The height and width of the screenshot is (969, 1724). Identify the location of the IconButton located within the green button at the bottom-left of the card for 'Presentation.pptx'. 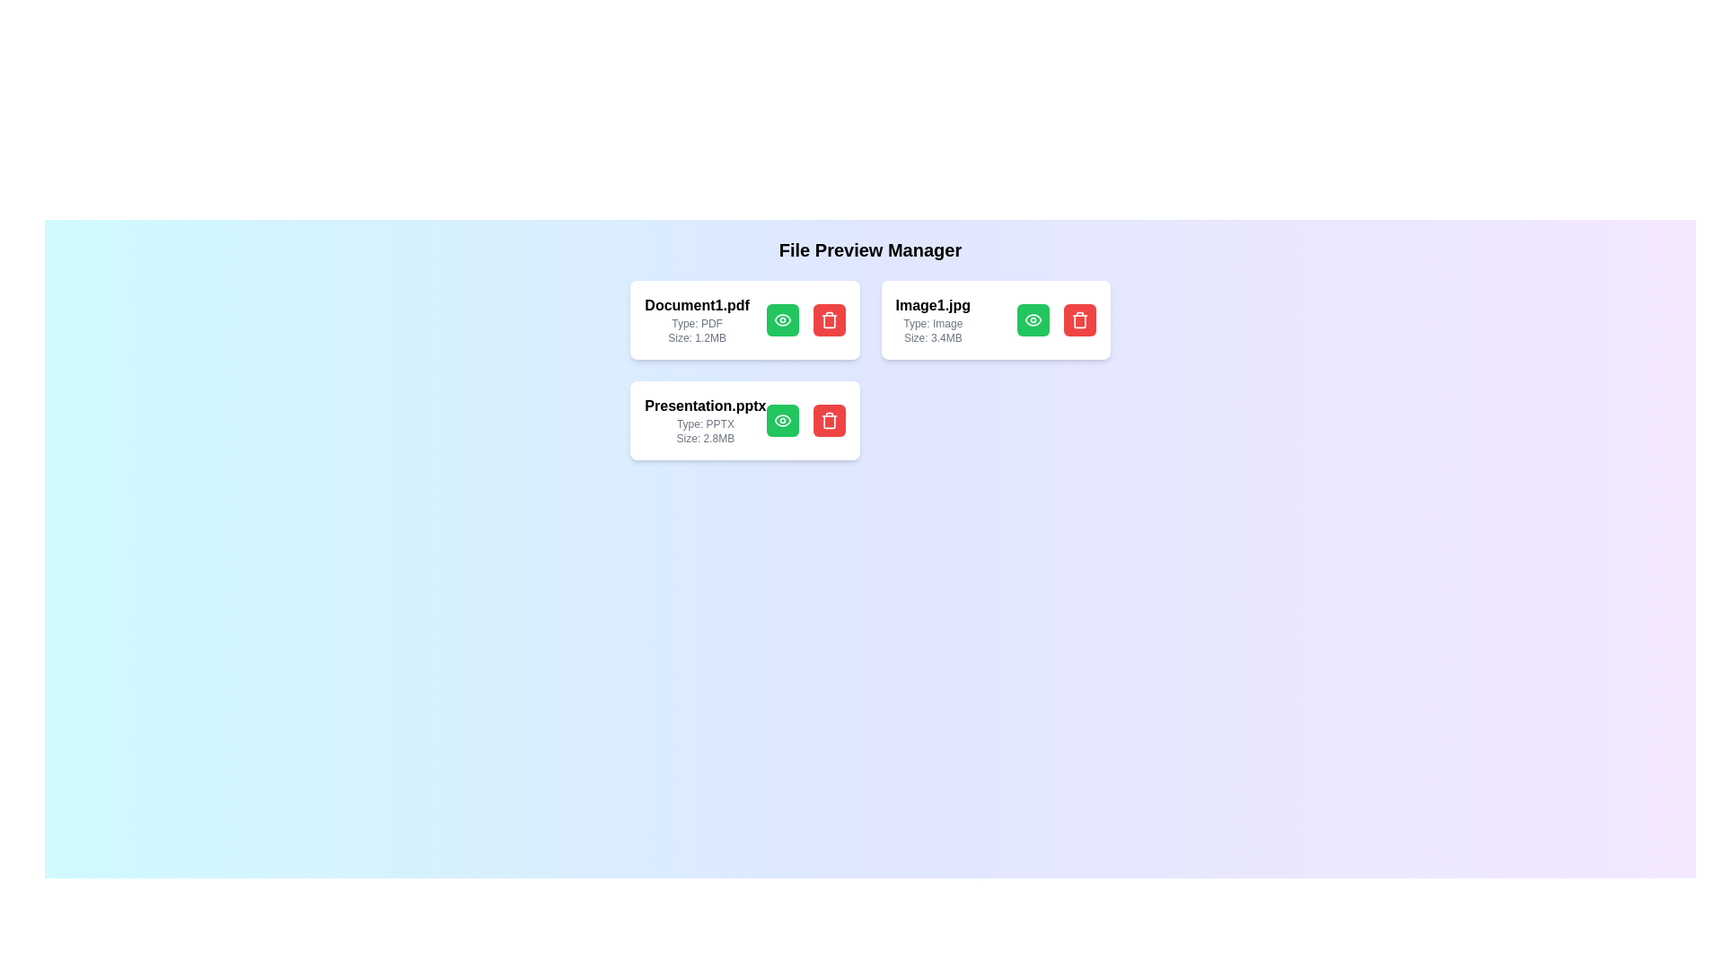
(782, 421).